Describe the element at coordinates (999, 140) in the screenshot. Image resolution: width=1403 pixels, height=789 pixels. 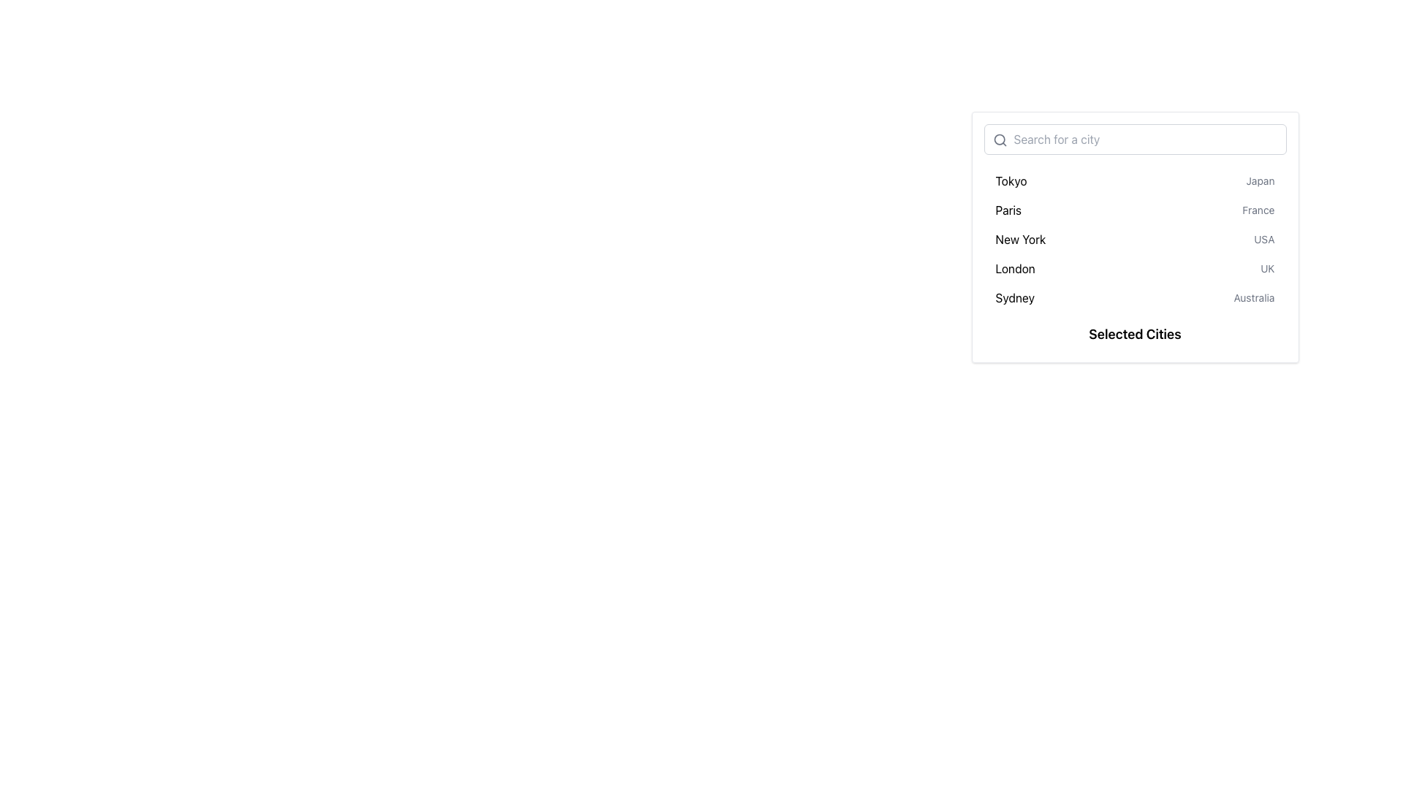
I see `the search functionality icon located at the top-left corner of the search input field, which serves as a visual cue` at that location.